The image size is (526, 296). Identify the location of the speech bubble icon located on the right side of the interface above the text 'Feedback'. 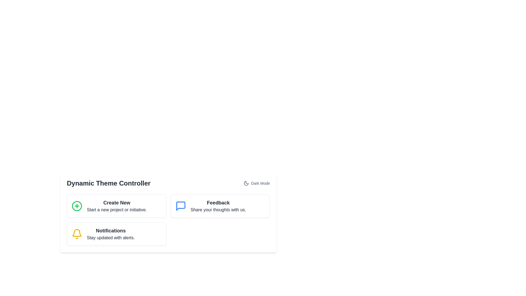
(181, 206).